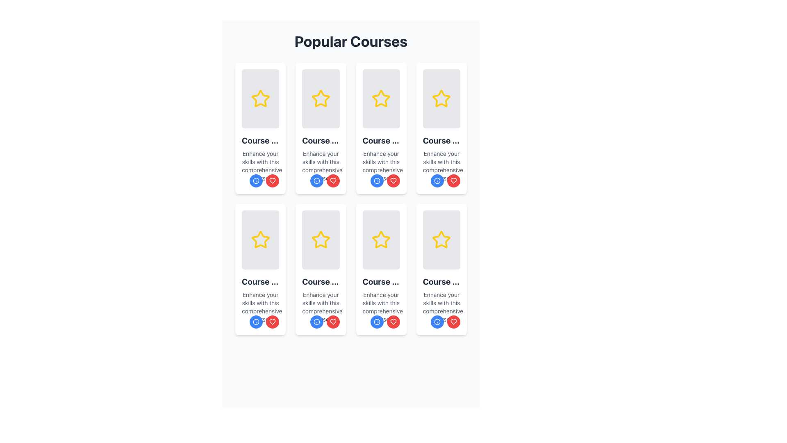  Describe the element at coordinates (381, 166) in the screenshot. I see `text element that provides additional information about the course featured in the third card, located below the title 'Course Title 3' and above two circular buttons` at that location.